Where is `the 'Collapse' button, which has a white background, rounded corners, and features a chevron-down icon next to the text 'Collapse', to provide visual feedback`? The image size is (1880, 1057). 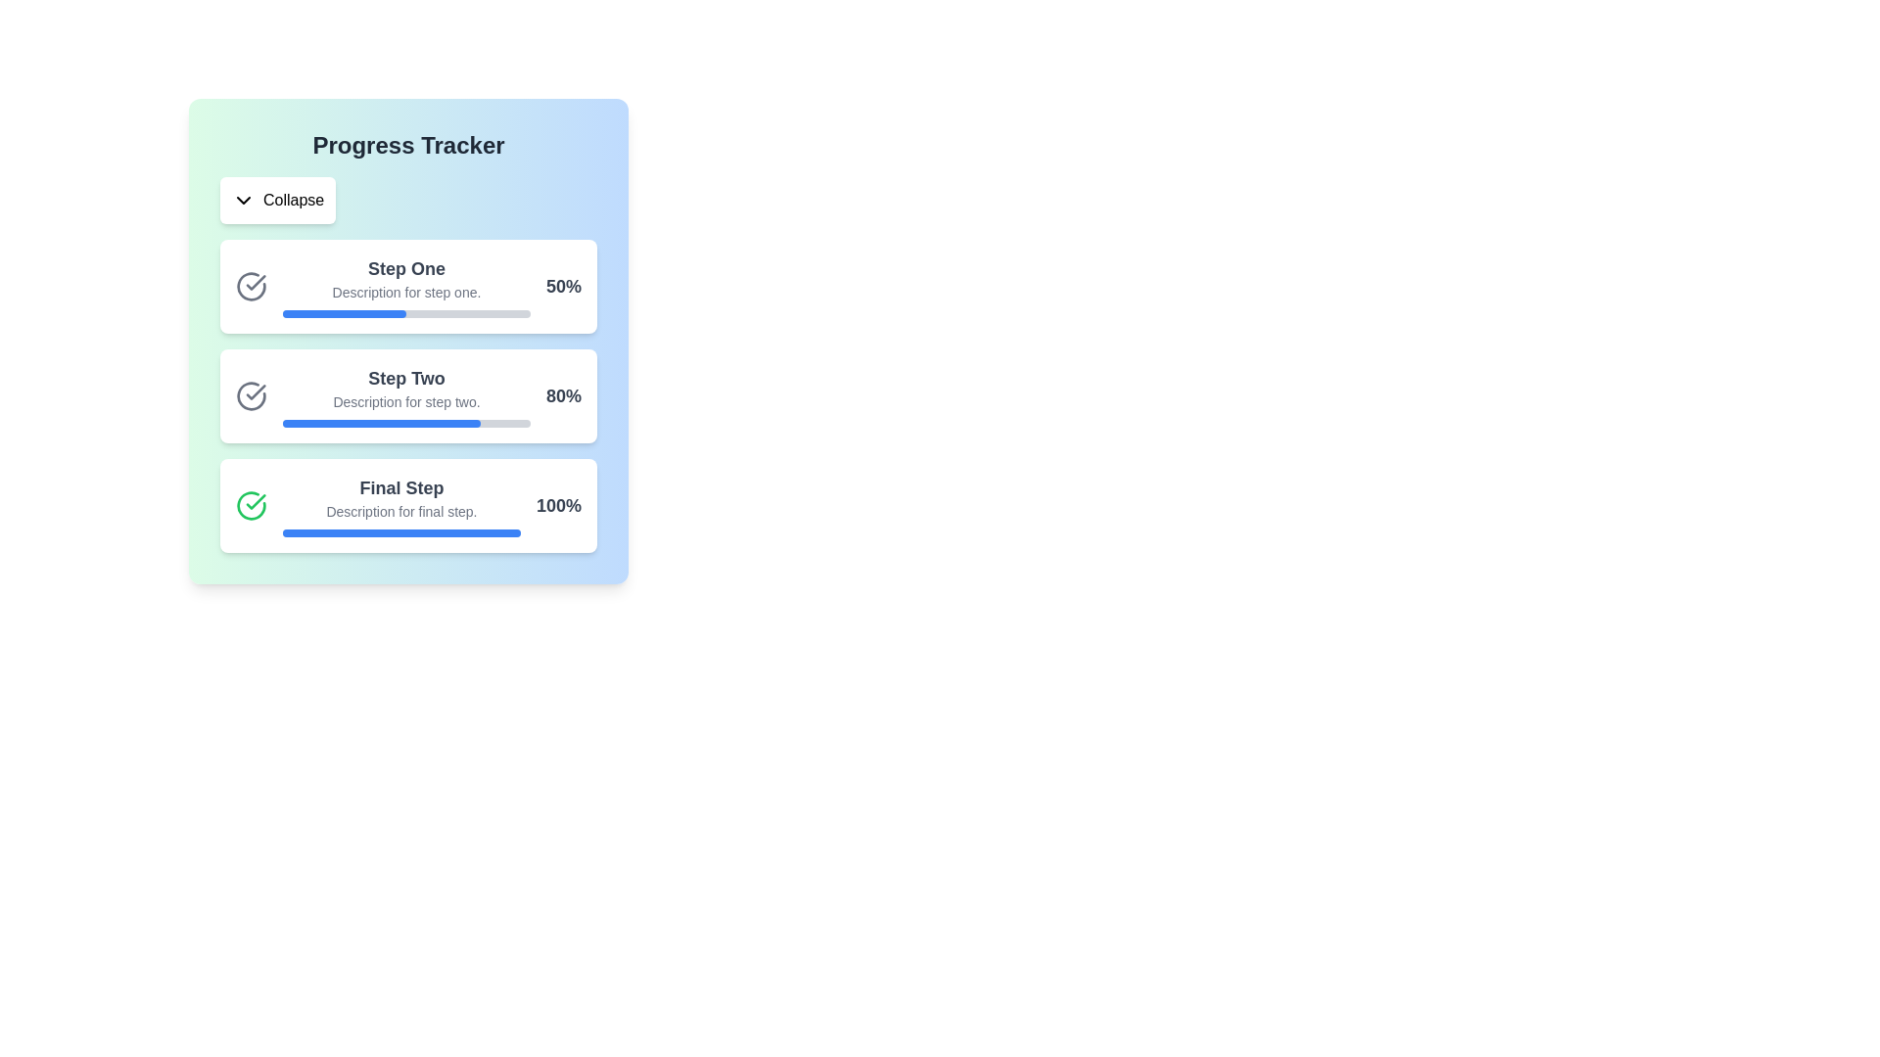 the 'Collapse' button, which has a white background, rounded corners, and features a chevron-down icon next to the text 'Collapse', to provide visual feedback is located at coordinates (277, 200).